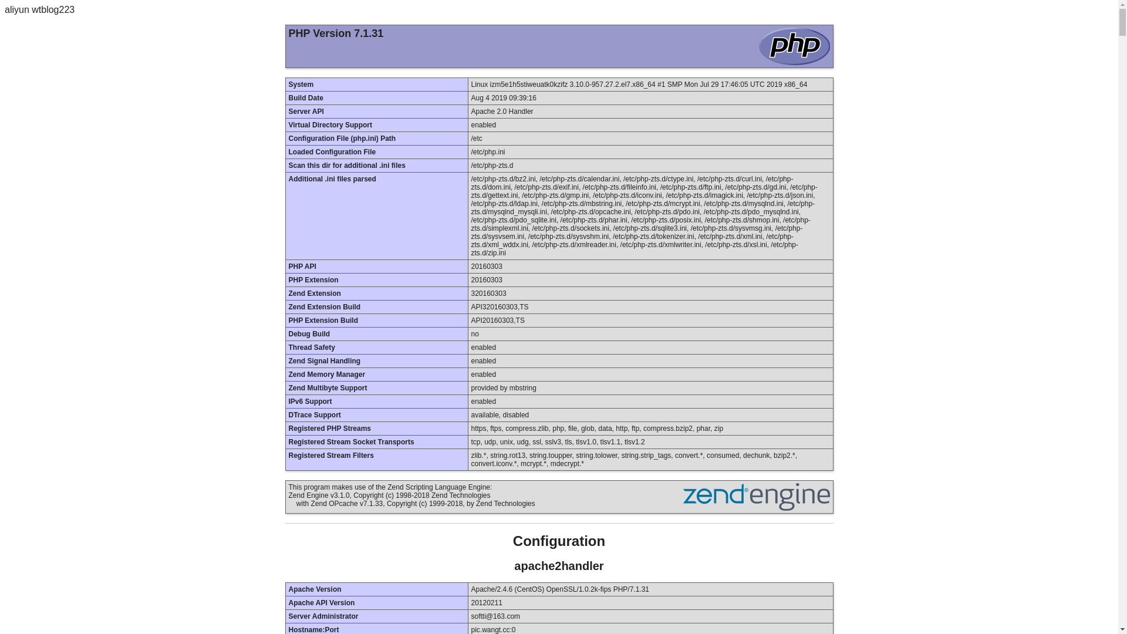 This screenshot has height=634, width=1127. What do you see at coordinates (514, 565) in the screenshot?
I see `'apache2handler'` at bounding box center [514, 565].